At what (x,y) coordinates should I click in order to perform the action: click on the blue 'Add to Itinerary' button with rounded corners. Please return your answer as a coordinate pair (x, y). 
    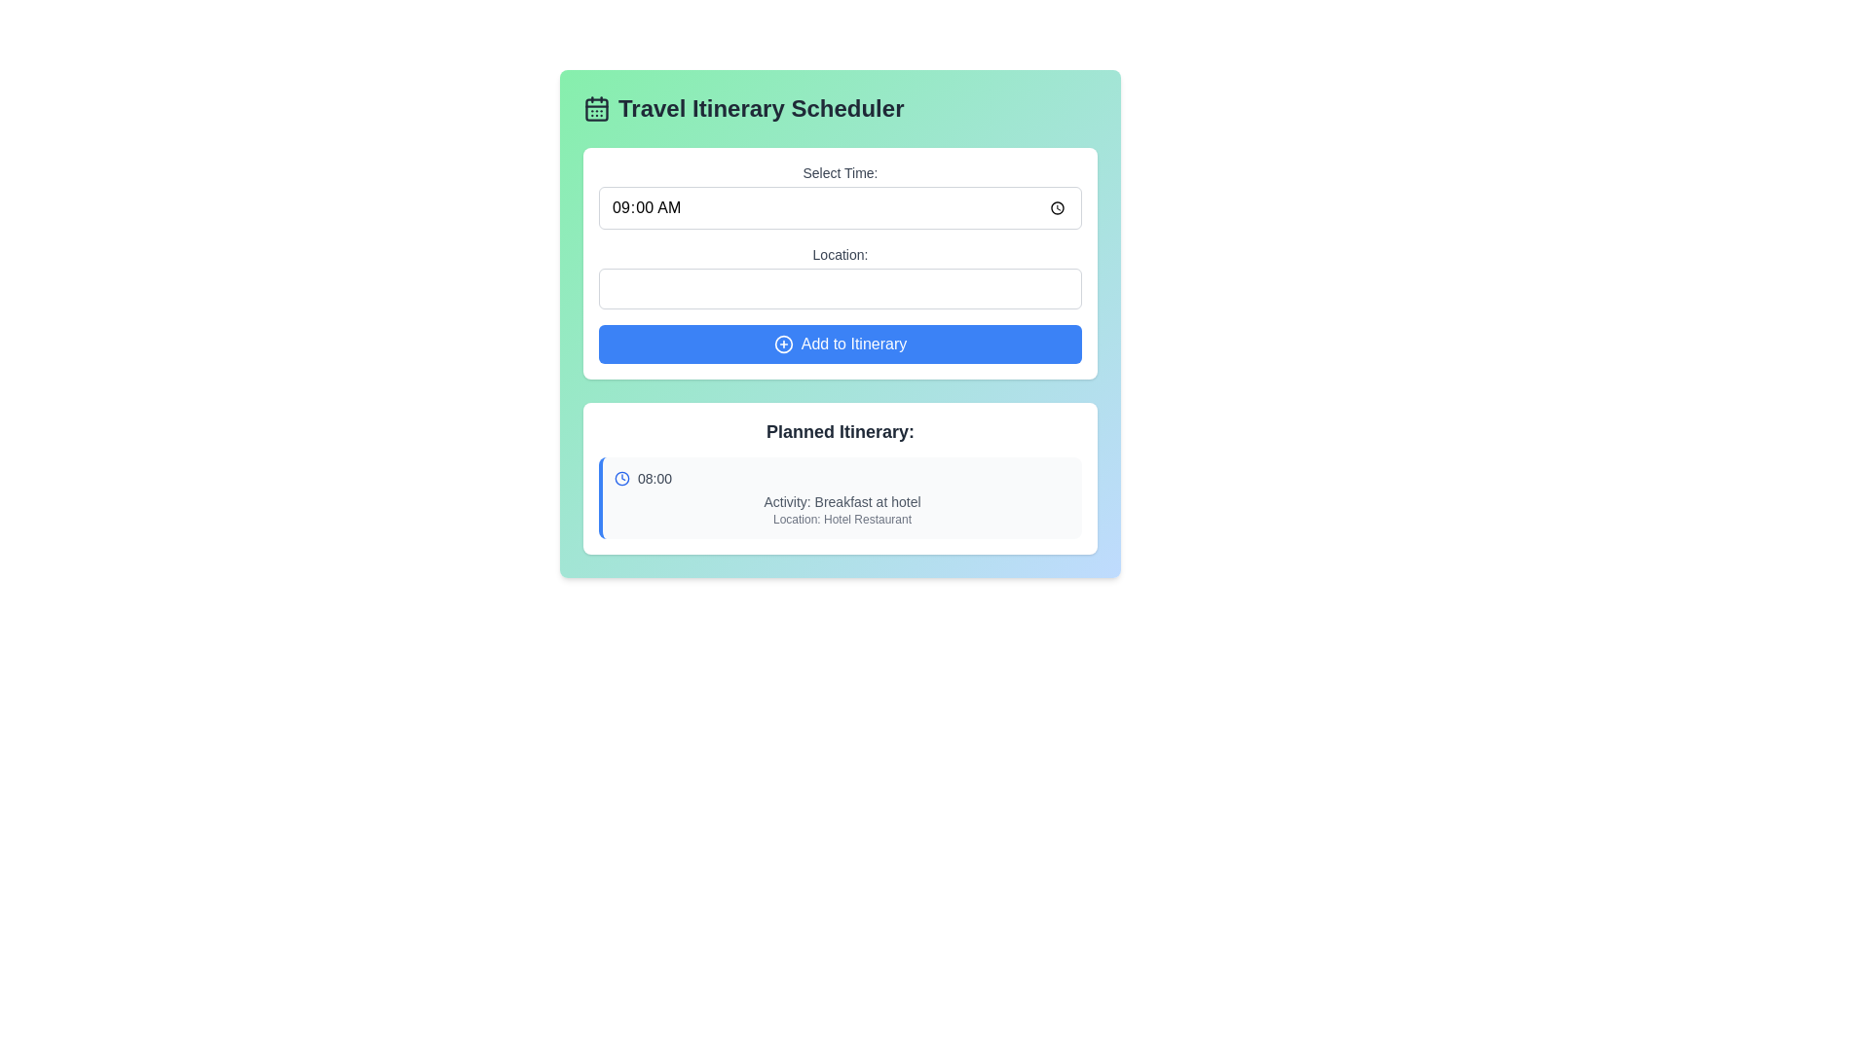
    Looking at the image, I should click on (841, 344).